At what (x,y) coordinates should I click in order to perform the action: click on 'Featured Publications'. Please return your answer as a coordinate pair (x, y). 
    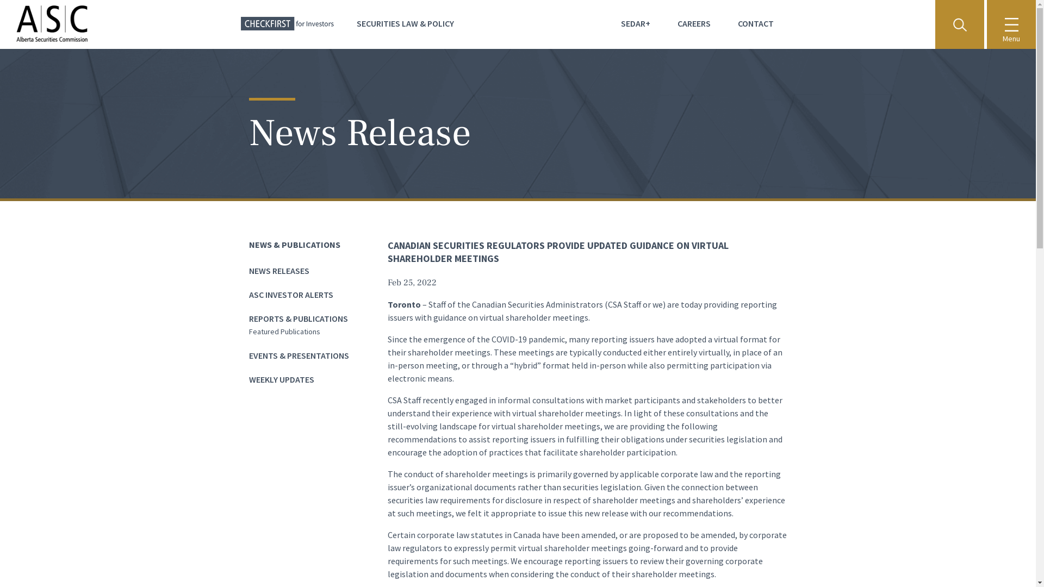
    Looking at the image, I should click on (284, 330).